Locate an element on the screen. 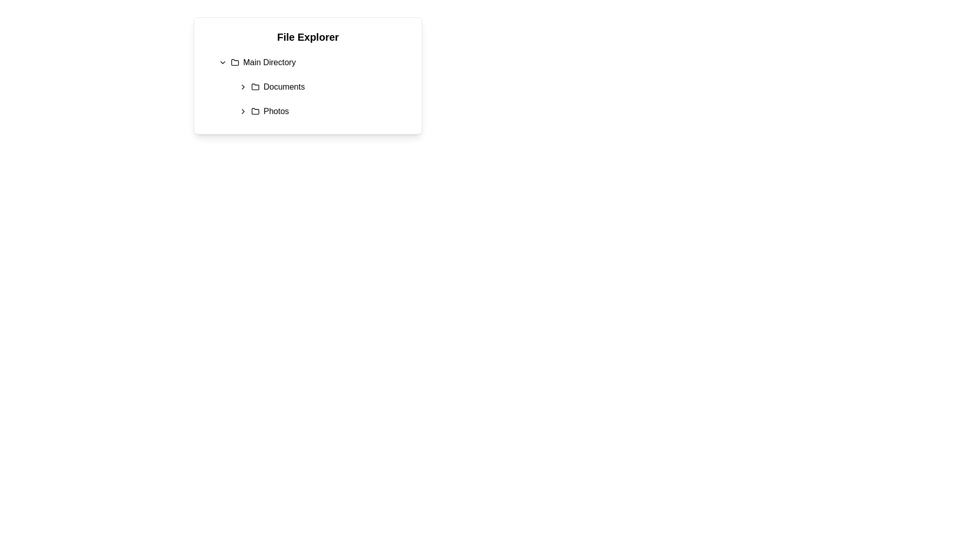 The image size is (979, 550). the folder icon located to the left of the 'Photos' label in the file explorer interface is located at coordinates (255, 112).